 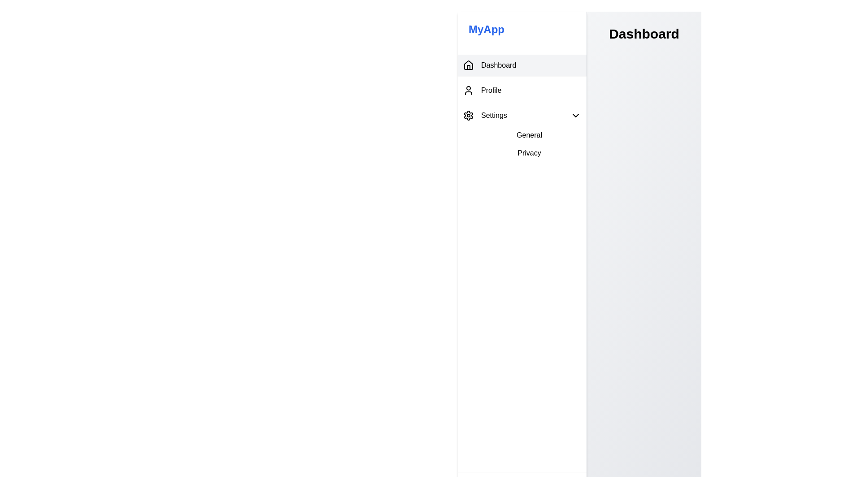 I want to click on the second menu item in the sidebar that is positioned below 'Dashboard' and above 'Settings', so click(x=522, y=90).